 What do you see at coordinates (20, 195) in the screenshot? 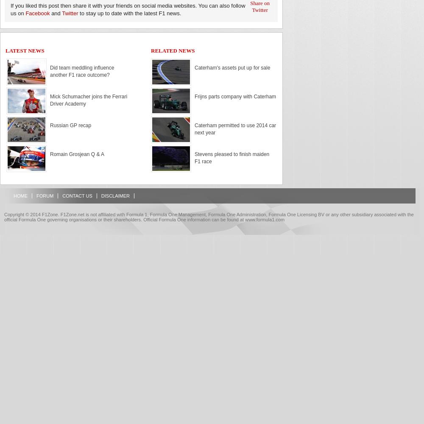
I see `'Home'` at bounding box center [20, 195].